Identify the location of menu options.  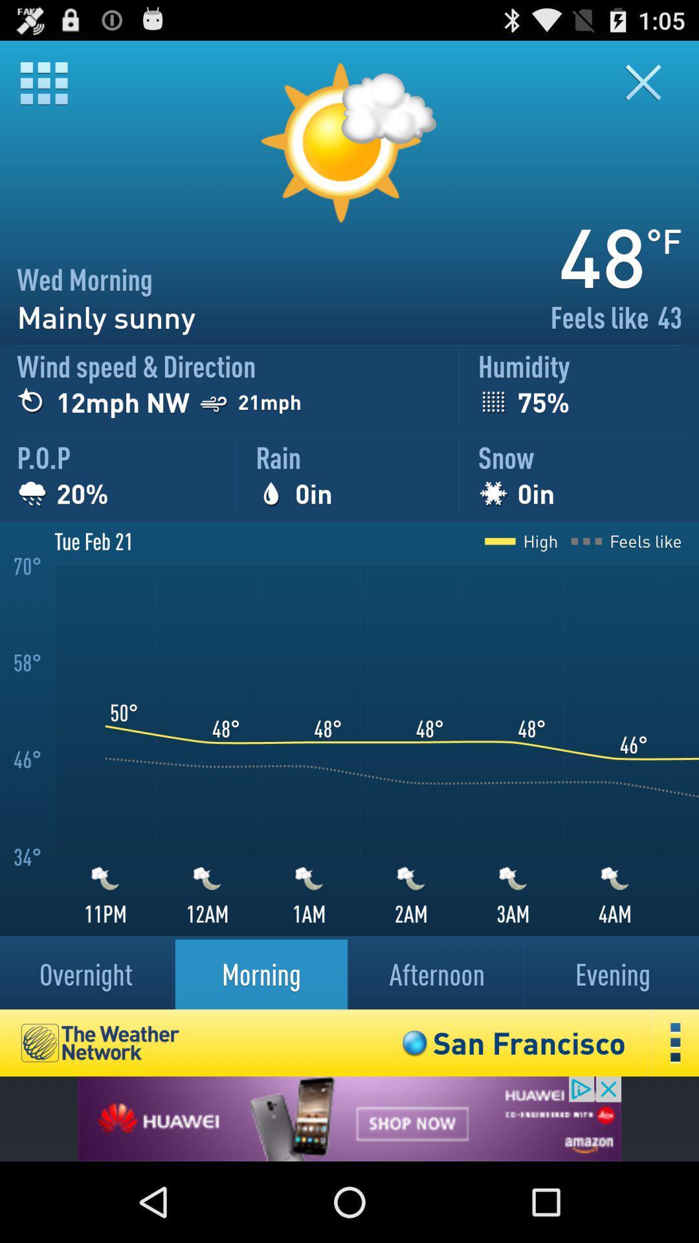
(43, 82).